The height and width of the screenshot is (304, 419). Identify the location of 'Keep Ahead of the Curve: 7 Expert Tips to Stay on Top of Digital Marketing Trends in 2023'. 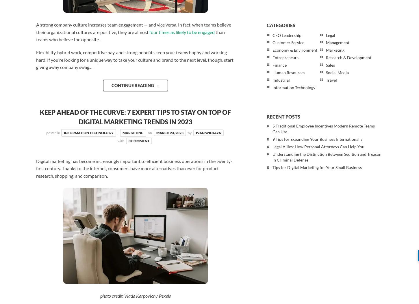
(135, 117).